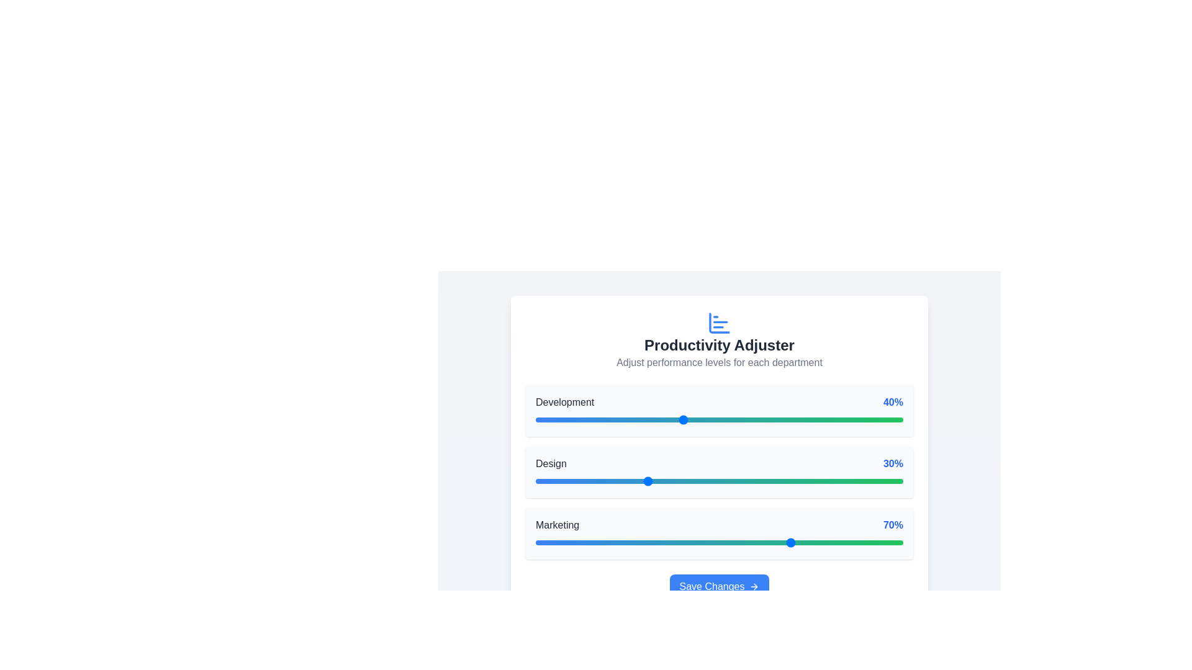 The image size is (1192, 670). I want to click on the rightward arrow icon that is part of the 'Save Changes' button, located at the bottom of the interface, so click(754, 586).